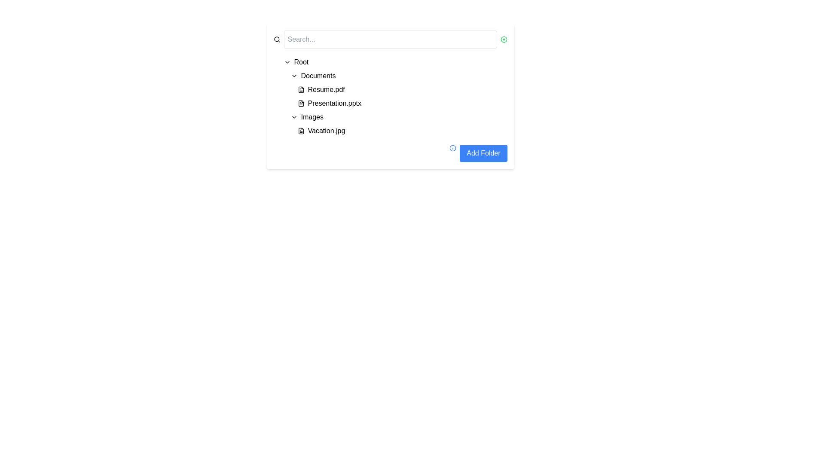  What do you see at coordinates (326, 89) in the screenshot?
I see `the file labeled 'Resume.pdf' located in the 'Documents' section` at bounding box center [326, 89].